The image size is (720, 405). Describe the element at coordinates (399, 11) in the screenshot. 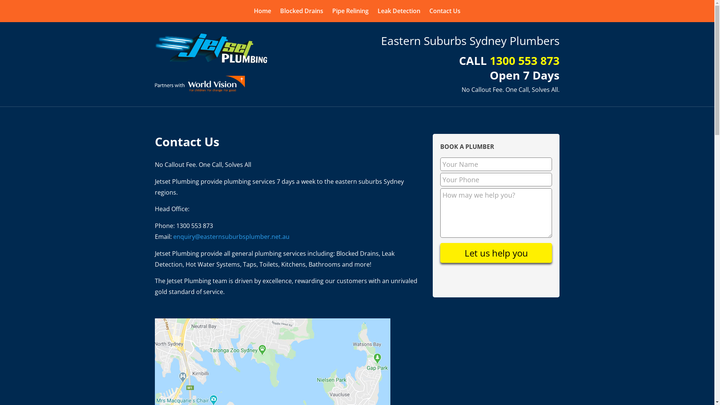

I see `'Leak Detection'` at that location.